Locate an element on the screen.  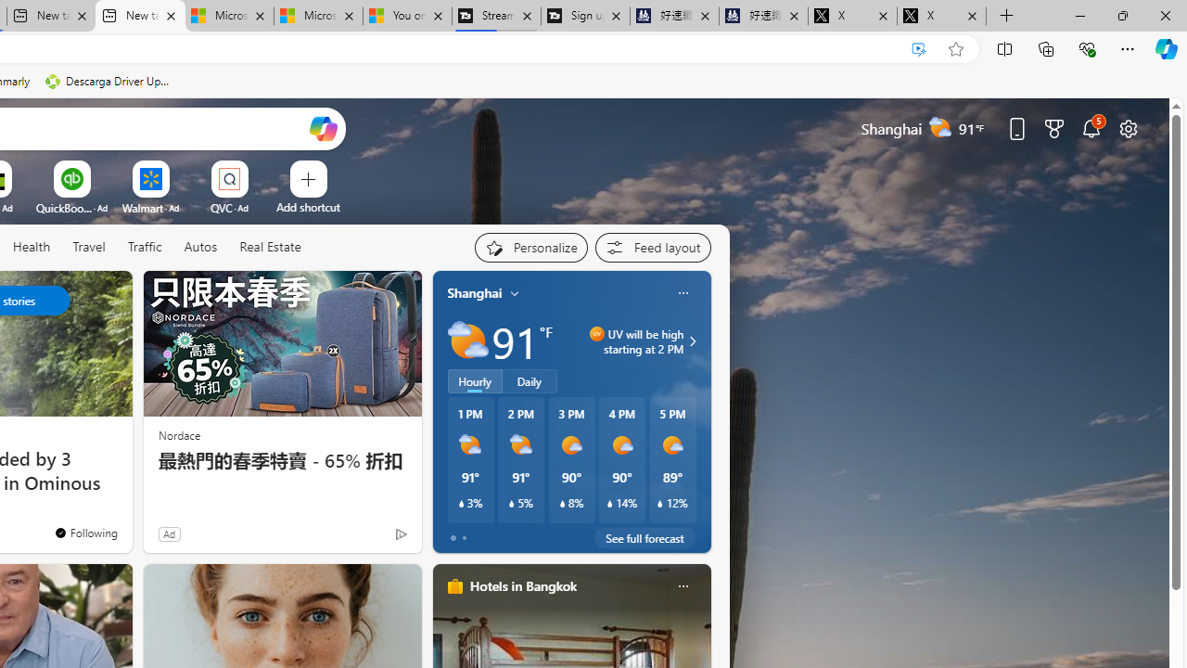
'Partly sunny' is located at coordinates (467, 341).